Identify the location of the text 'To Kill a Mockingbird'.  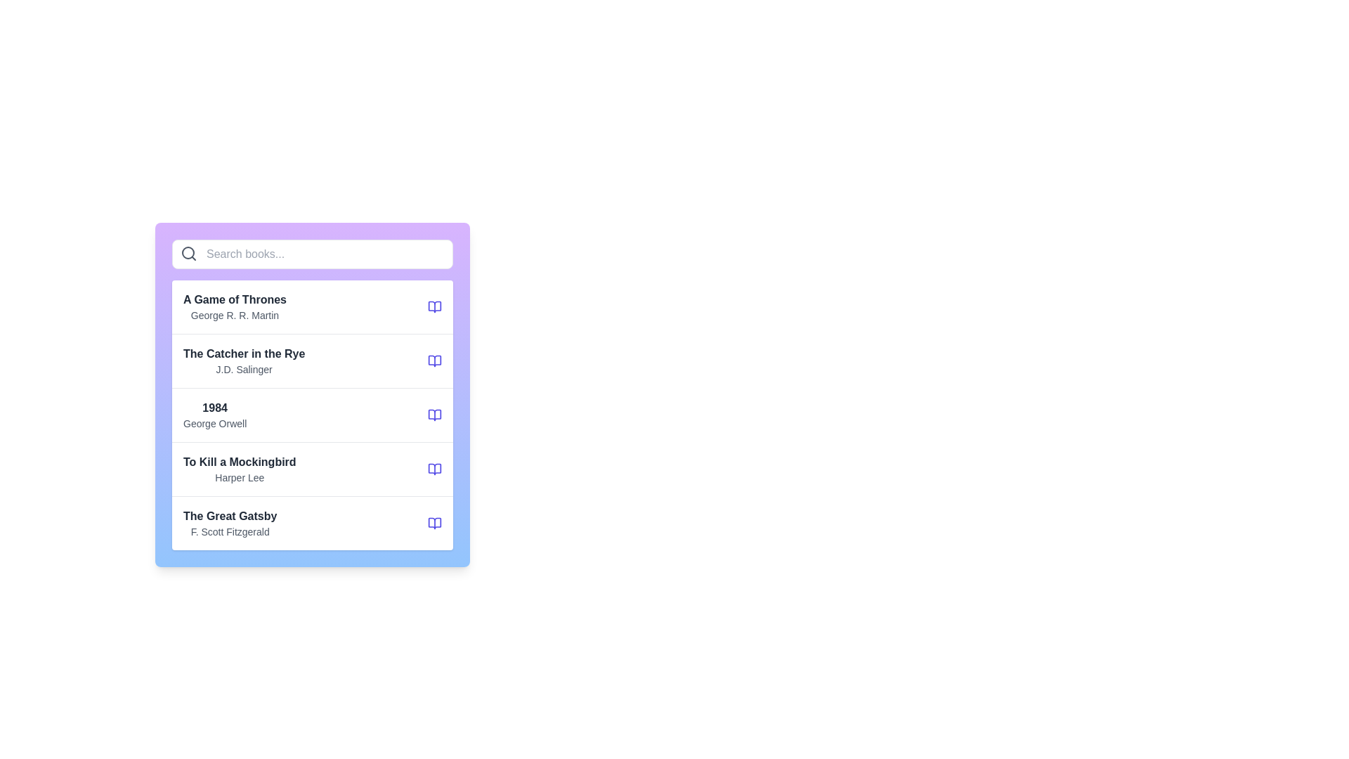
(239, 462).